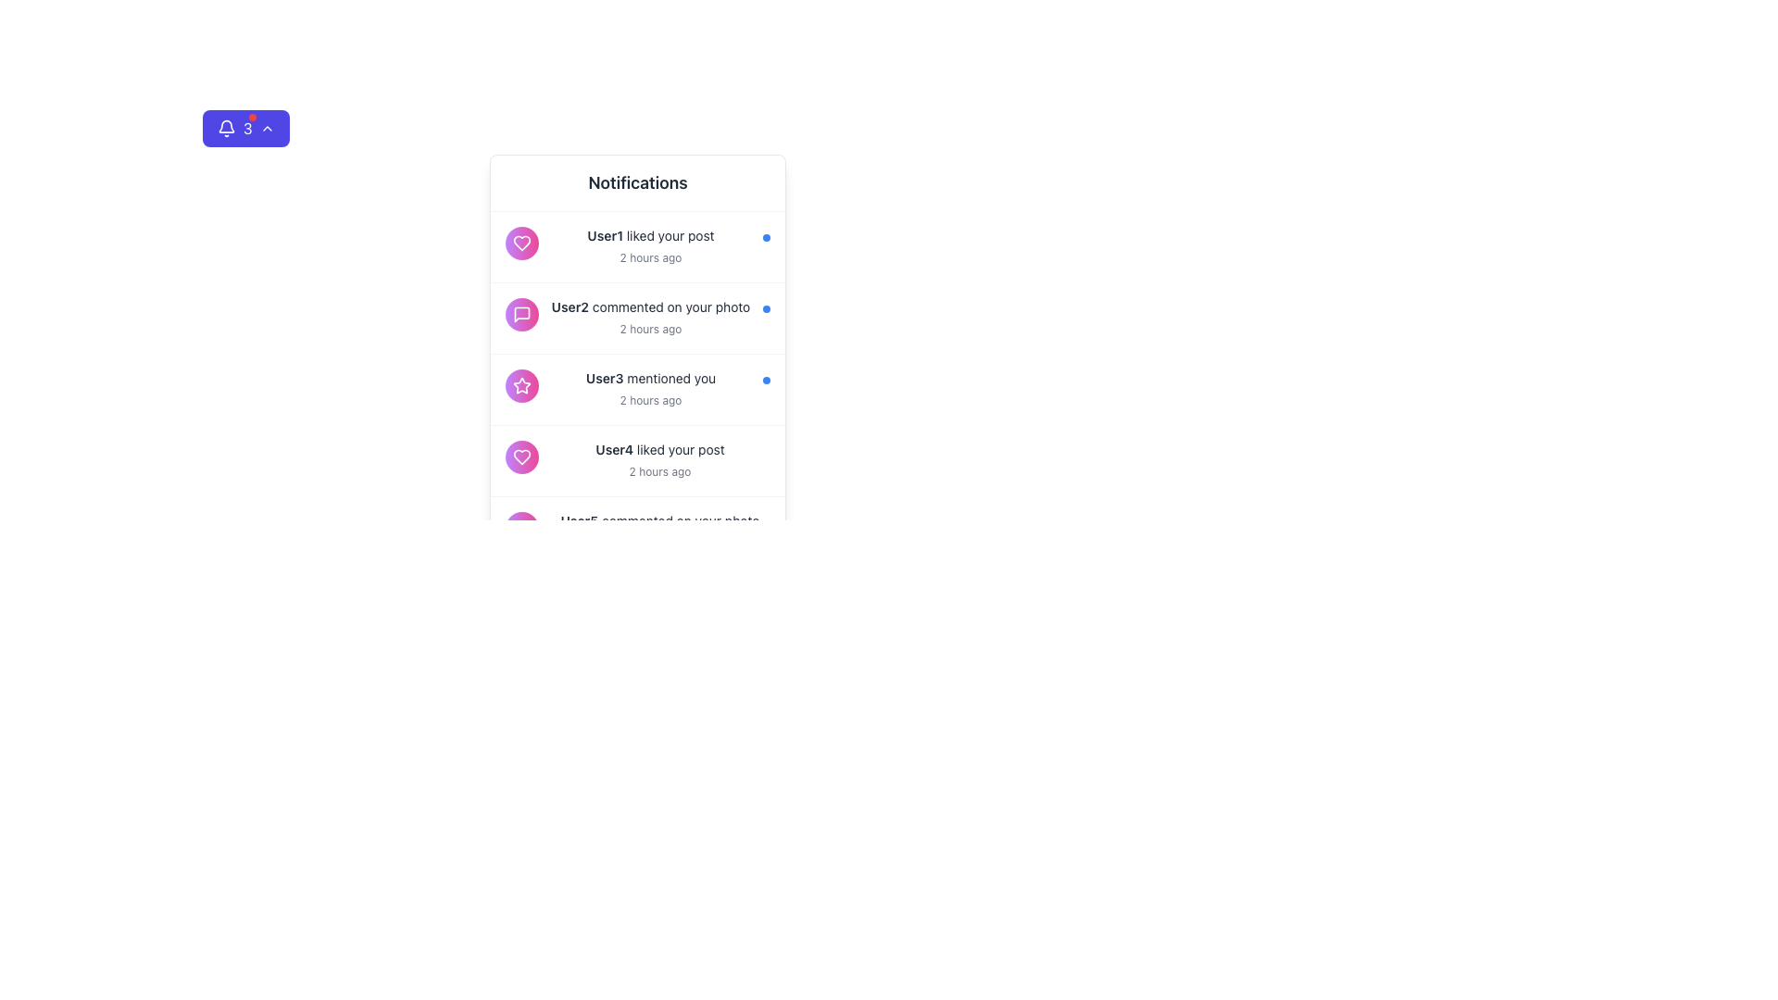 The height and width of the screenshot is (1000, 1778). I want to click on the text label displaying the count of unread notifications within the purple notification button, which is located near the bell icon and to the left of the downward arrow icon, so click(246, 127).